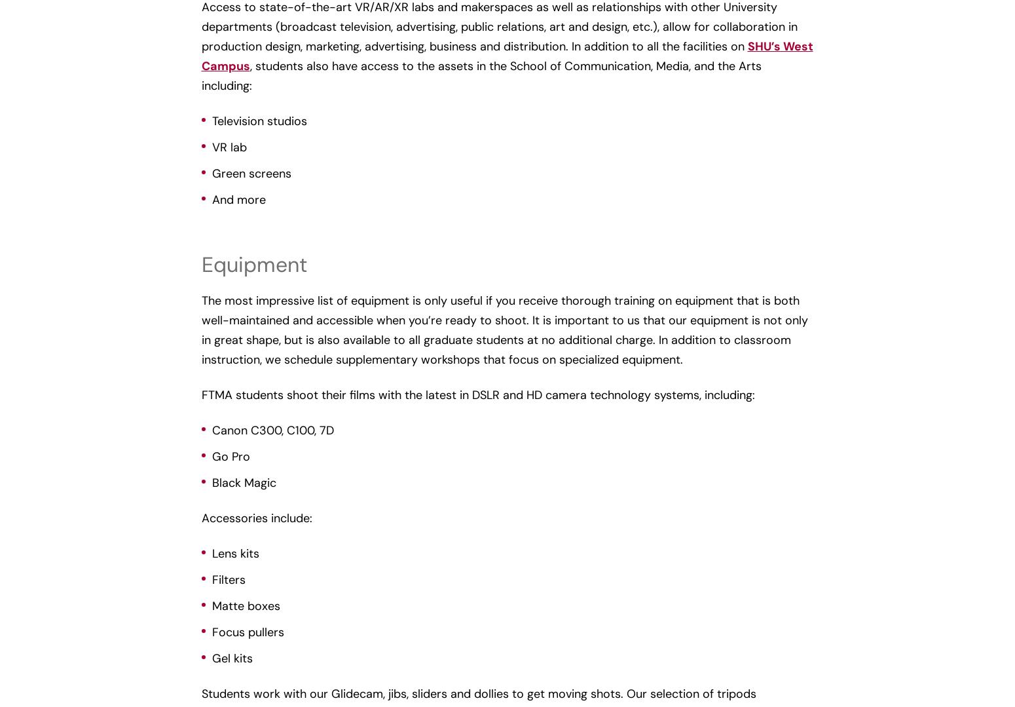 The height and width of the screenshot is (707, 1015). I want to click on 'Matte boxes', so click(211, 605).